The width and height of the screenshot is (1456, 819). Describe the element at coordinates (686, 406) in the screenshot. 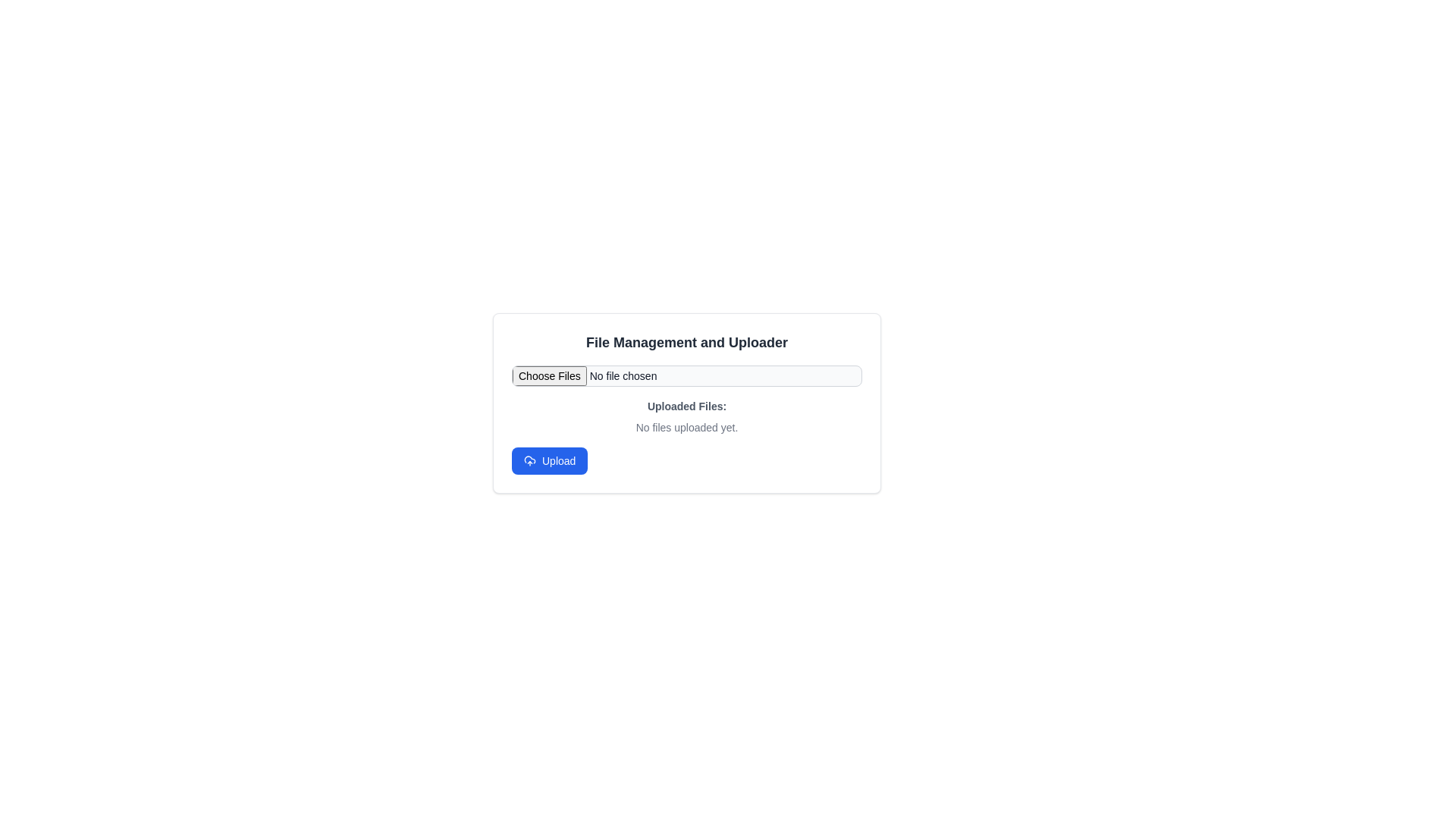

I see `the text label indicating the section for uploaded files, which is positioned above the 'No files uploaded yet.' text and below the file selection input field` at that location.